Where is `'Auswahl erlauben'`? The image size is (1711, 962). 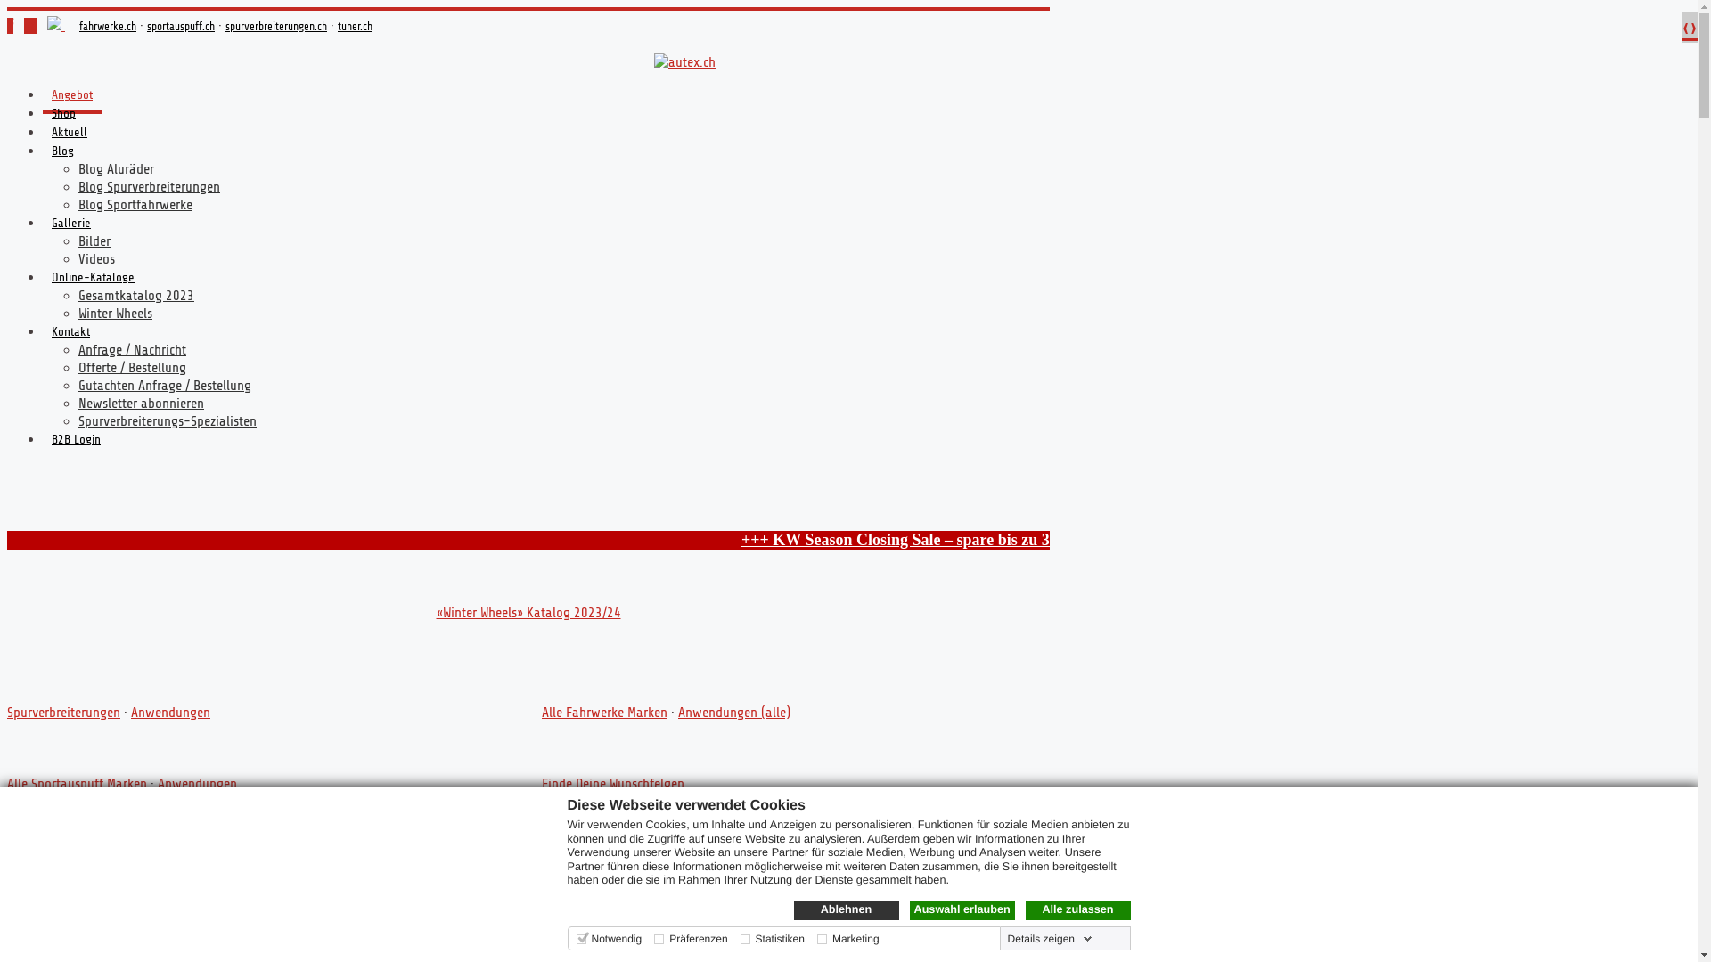
'Auswahl erlauben' is located at coordinates (961, 910).